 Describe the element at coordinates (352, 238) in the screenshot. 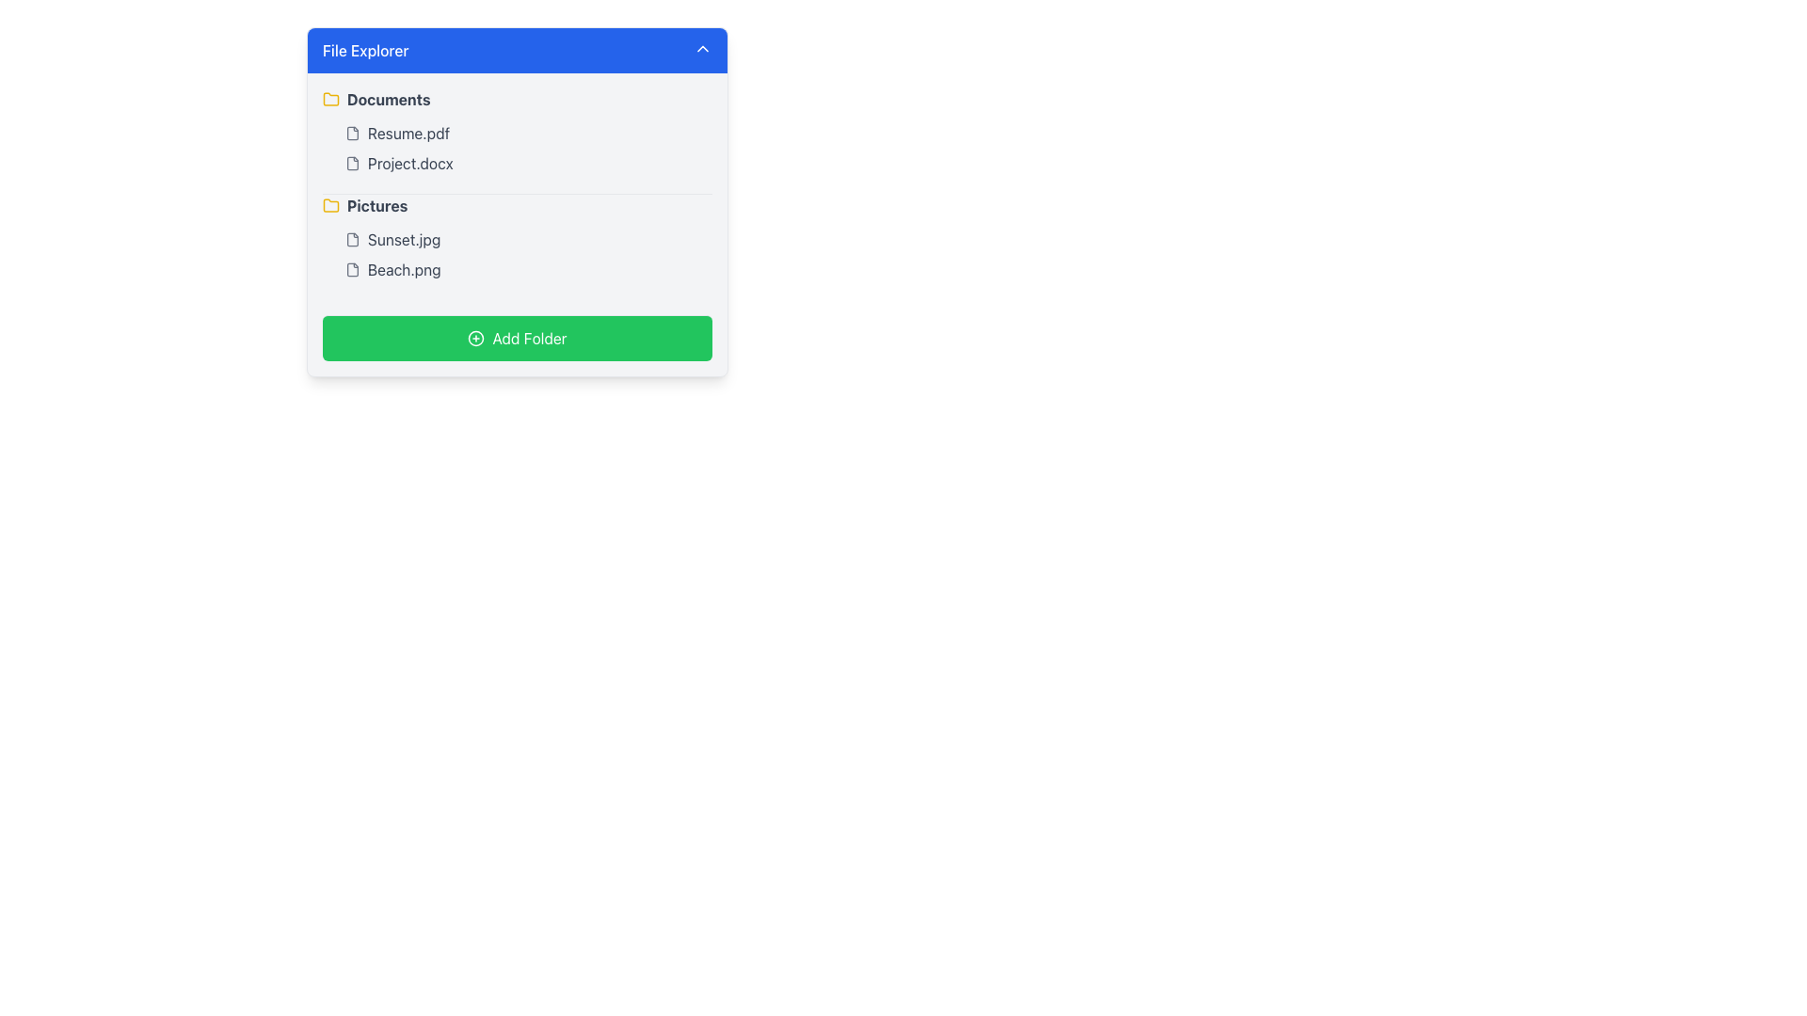

I see `the file icon represented by a gray file silhouette next` at that location.